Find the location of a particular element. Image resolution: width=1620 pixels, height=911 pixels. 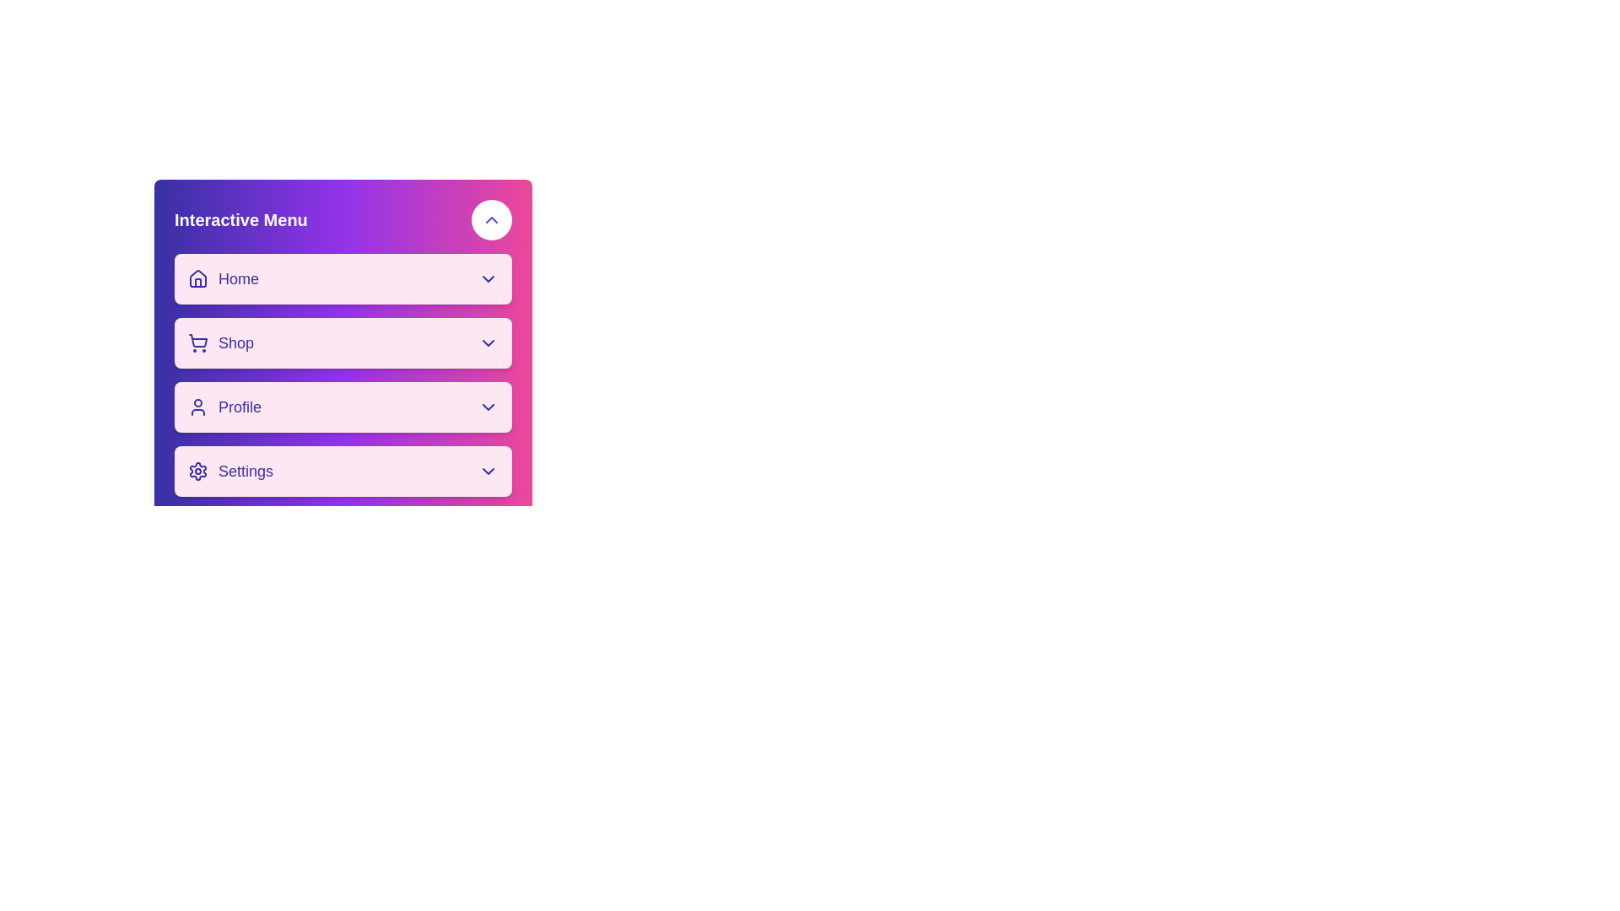

the downward-pointing chevron icon at the end of the 'Home' label is located at coordinates (488, 278).